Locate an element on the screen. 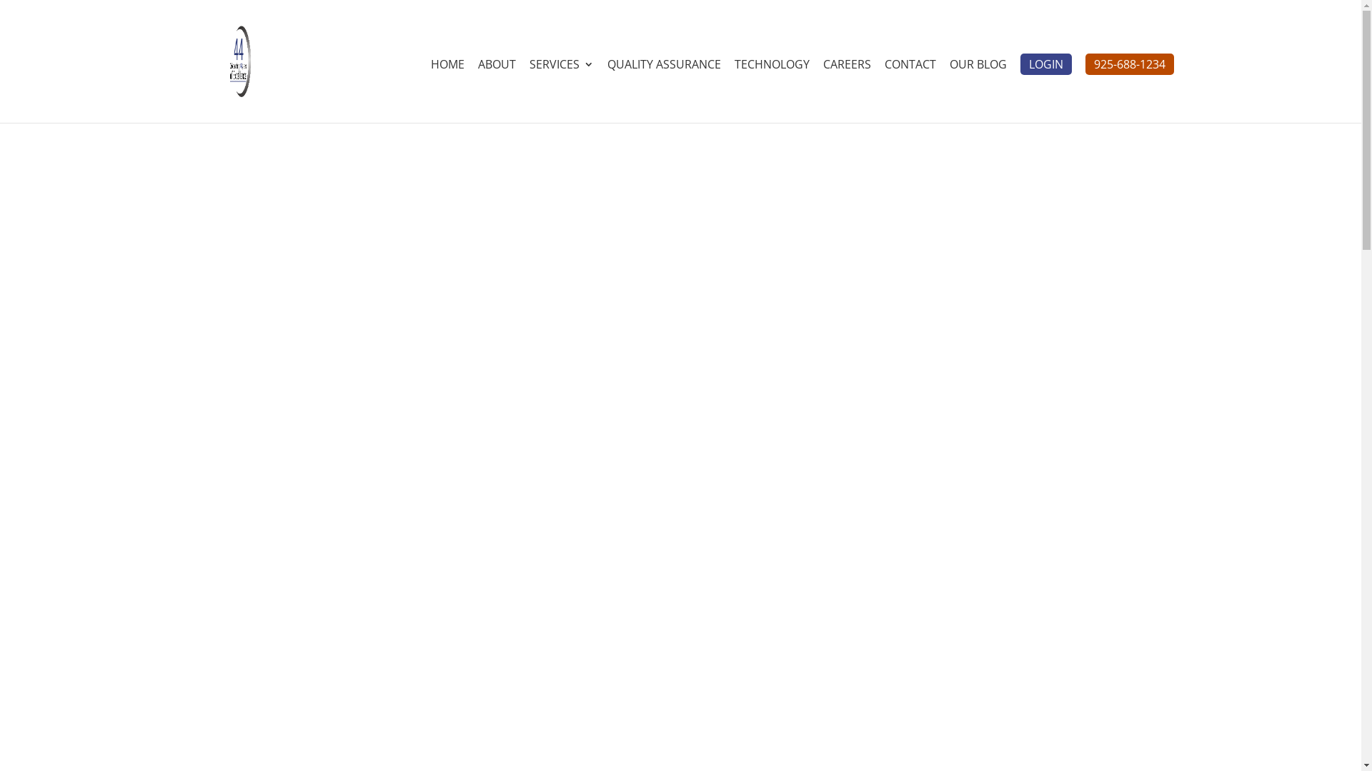 The height and width of the screenshot is (771, 1372). 'CONTACT' is located at coordinates (909, 91).